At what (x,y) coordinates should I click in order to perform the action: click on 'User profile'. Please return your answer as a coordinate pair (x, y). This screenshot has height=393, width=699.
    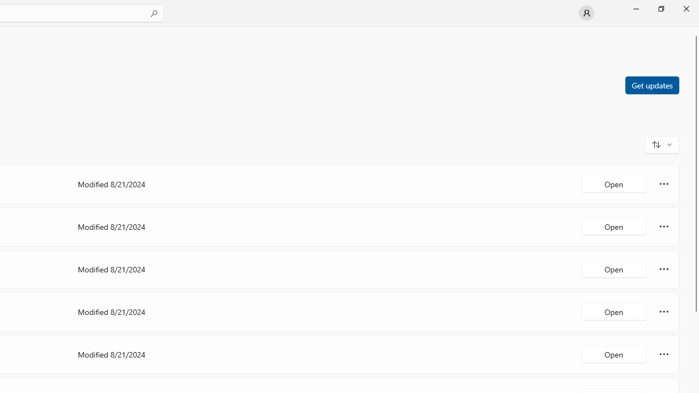
    Looking at the image, I should click on (585, 13).